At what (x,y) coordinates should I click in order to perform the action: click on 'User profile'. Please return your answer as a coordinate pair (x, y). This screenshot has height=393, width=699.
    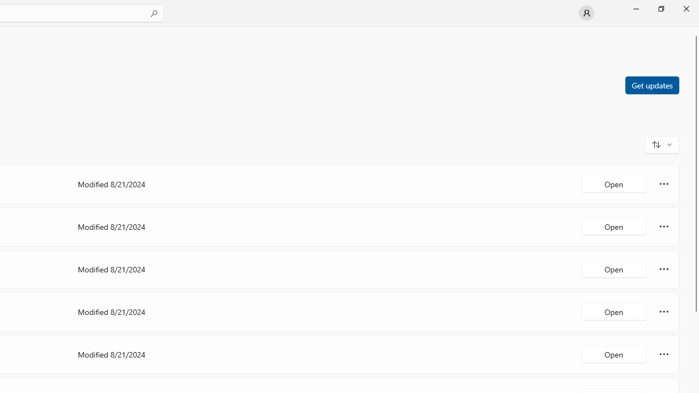
    Looking at the image, I should click on (585, 13).